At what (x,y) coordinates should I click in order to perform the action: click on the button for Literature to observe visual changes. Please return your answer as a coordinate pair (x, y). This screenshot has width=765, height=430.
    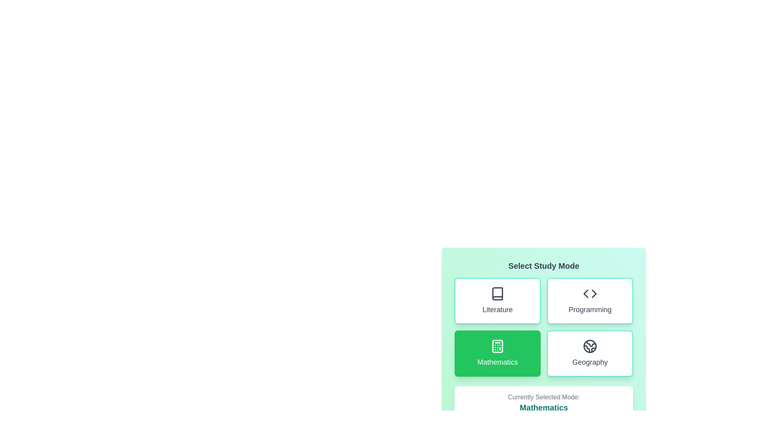
    Looking at the image, I should click on (497, 301).